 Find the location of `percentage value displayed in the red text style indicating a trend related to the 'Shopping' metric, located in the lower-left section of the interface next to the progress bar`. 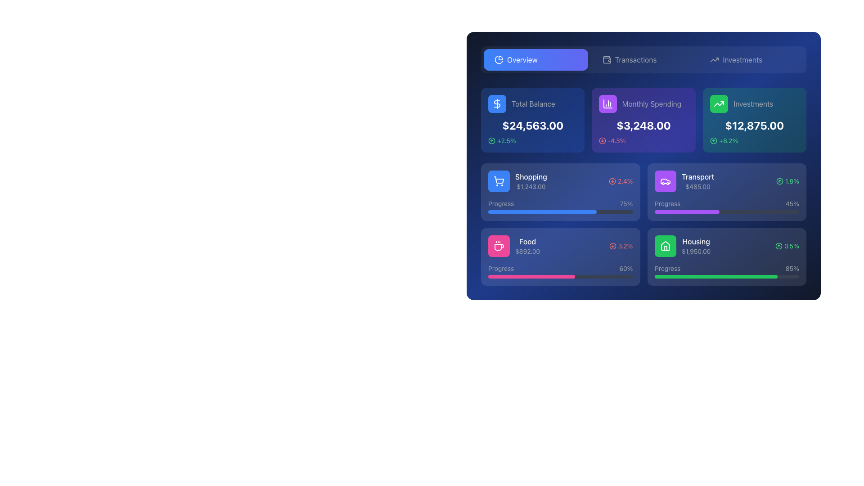

percentage value displayed in the red text style indicating a trend related to the 'Shopping' metric, located in the lower-left section of the interface next to the progress bar is located at coordinates (625, 181).